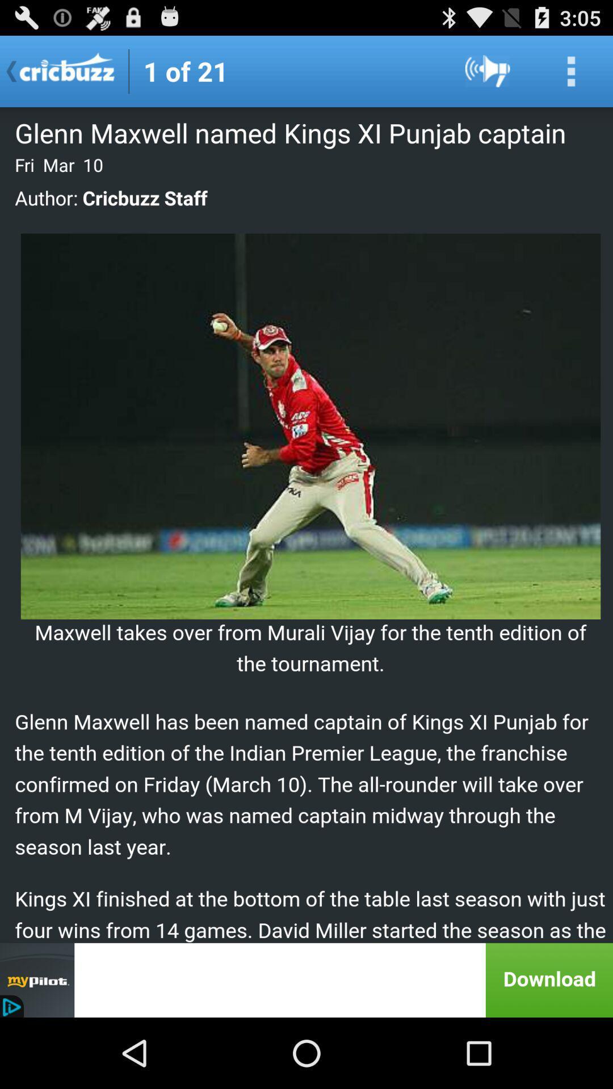 This screenshot has height=1089, width=613. What do you see at coordinates (487, 70) in the screenshot?
I see `sound` at bounding box center [487, 70].